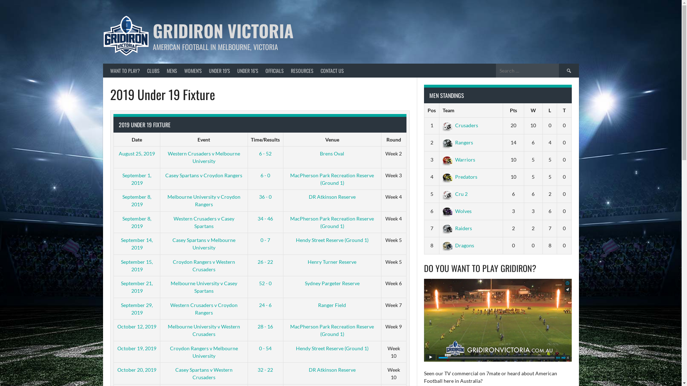 This screenshot has height=386, width=687. Describe the element at coordinates (121, 243) in the screenshot. I see `'September 14, 2019'` at that location.